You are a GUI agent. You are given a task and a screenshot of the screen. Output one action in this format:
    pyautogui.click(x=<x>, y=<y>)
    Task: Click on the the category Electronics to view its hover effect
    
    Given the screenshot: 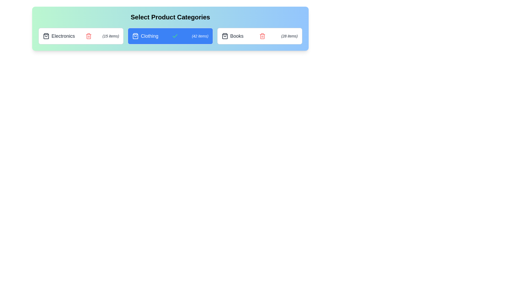 What is the action you would take?
    pyautogui.click(x=81, y=36)
    